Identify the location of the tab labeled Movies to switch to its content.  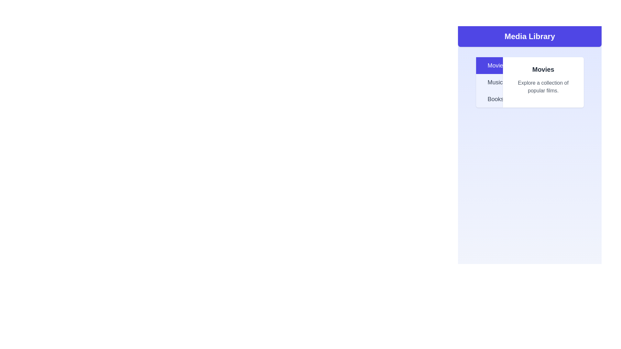
(489, 66).